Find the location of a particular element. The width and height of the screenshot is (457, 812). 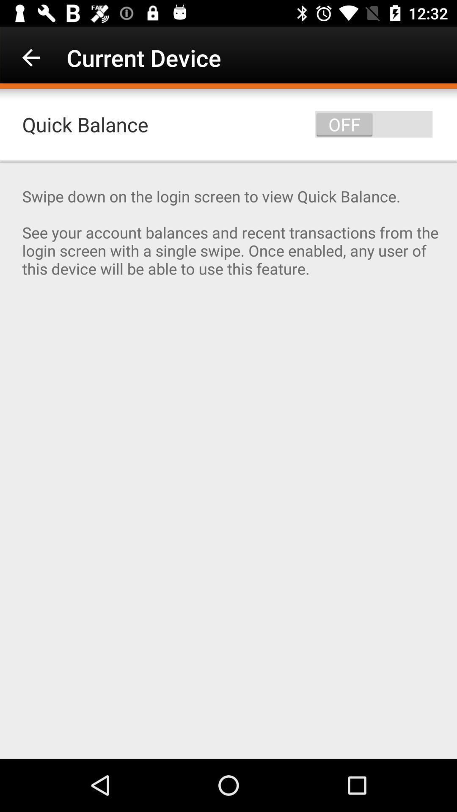

icon next to the current device icon is located at coordinates (30, 57).